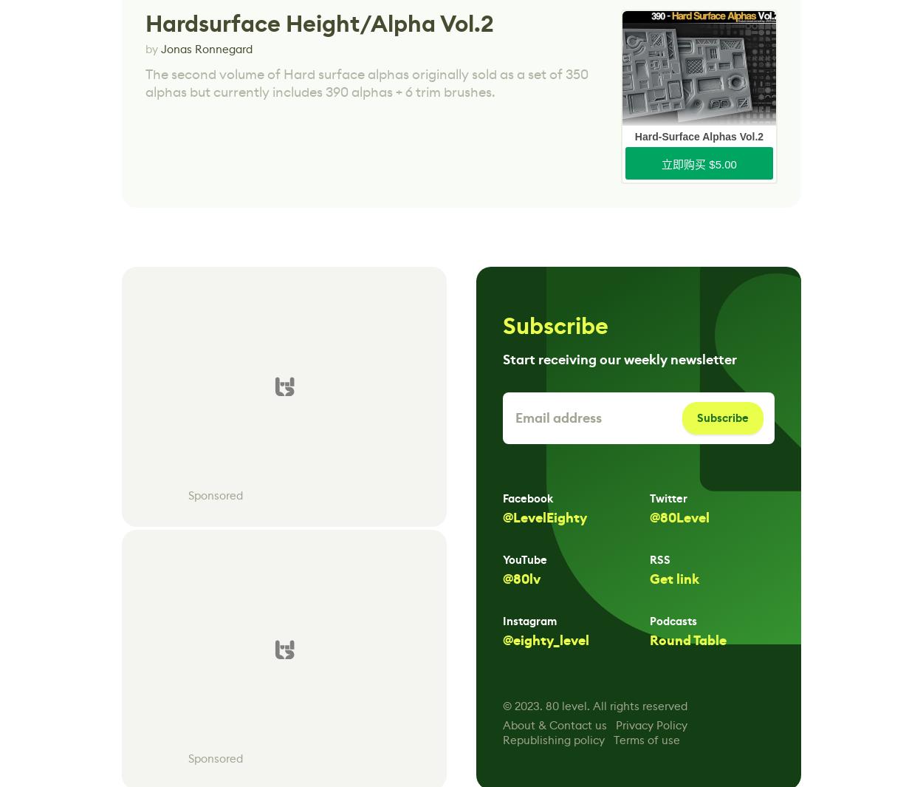 Image resolution: width=923 pixels, height=787 pixels. Describe the element at coordinates (502, 621) in the screenshot. I see `'Instagram'` at that location.